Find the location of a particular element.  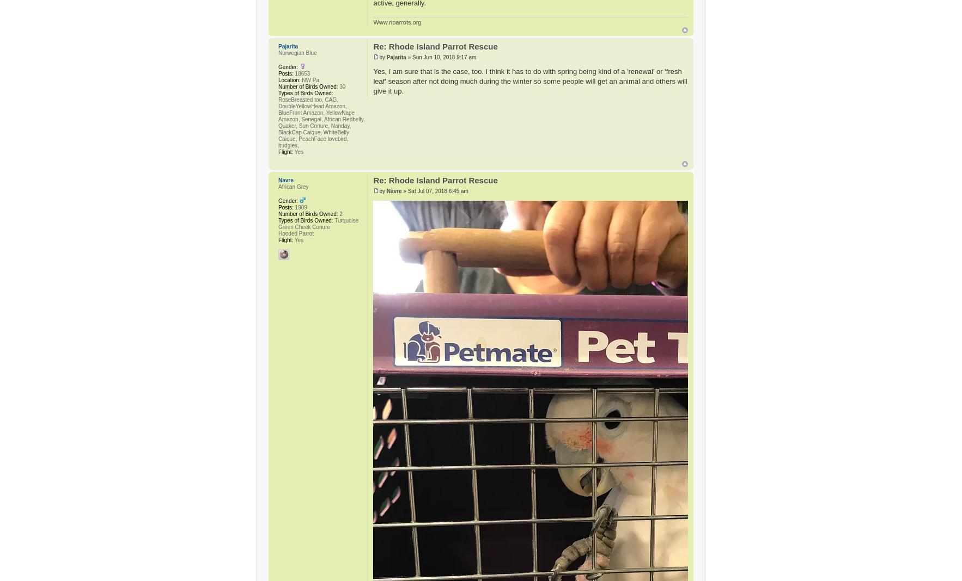

'Hooded Parrot' is located at coordinates (296, 233).